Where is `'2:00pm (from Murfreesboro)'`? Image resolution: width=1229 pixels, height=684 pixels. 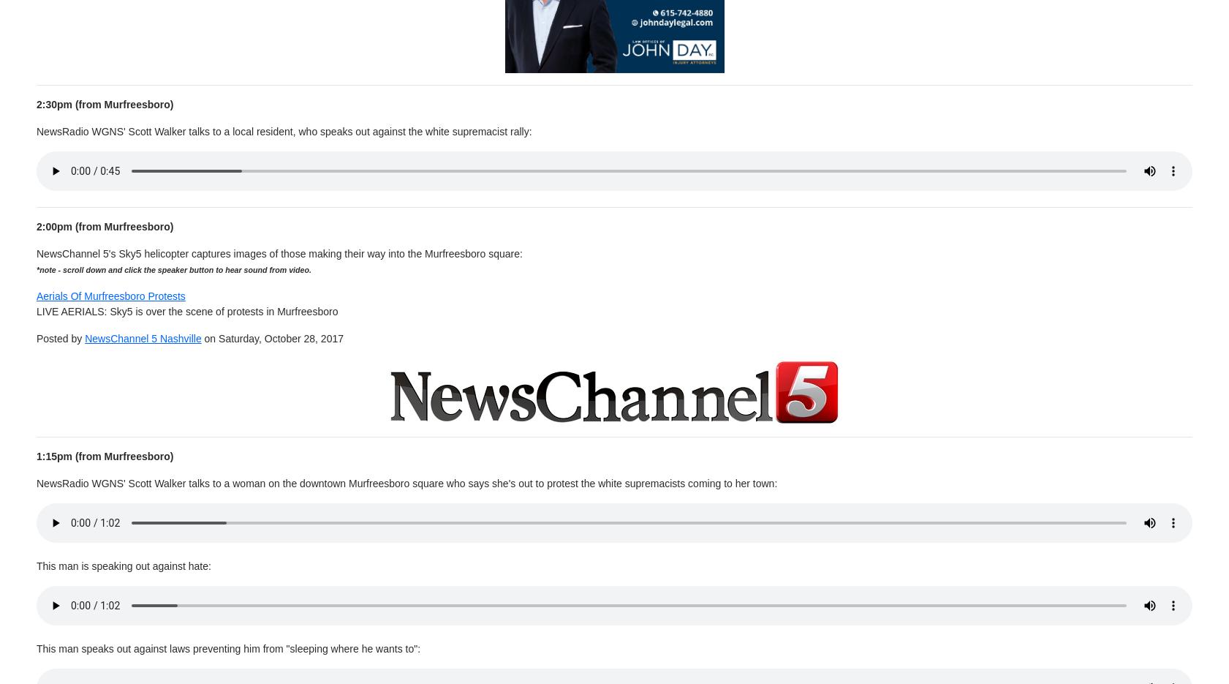 '2:00pm (from Murfreesboro)' is located at coordinates (104, 226).